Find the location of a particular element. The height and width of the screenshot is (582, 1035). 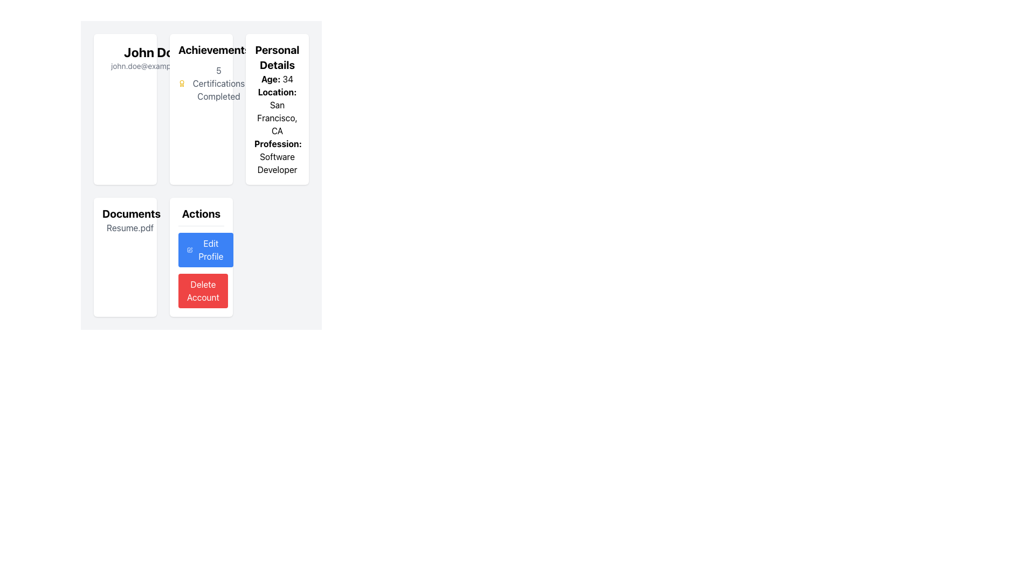

the '5 Certifications Completed' label in the Achievements section, which is styled in a modern sans-serif font and located centrally within the second column, adjacent to an award icon is located at coordinates (218, 82).